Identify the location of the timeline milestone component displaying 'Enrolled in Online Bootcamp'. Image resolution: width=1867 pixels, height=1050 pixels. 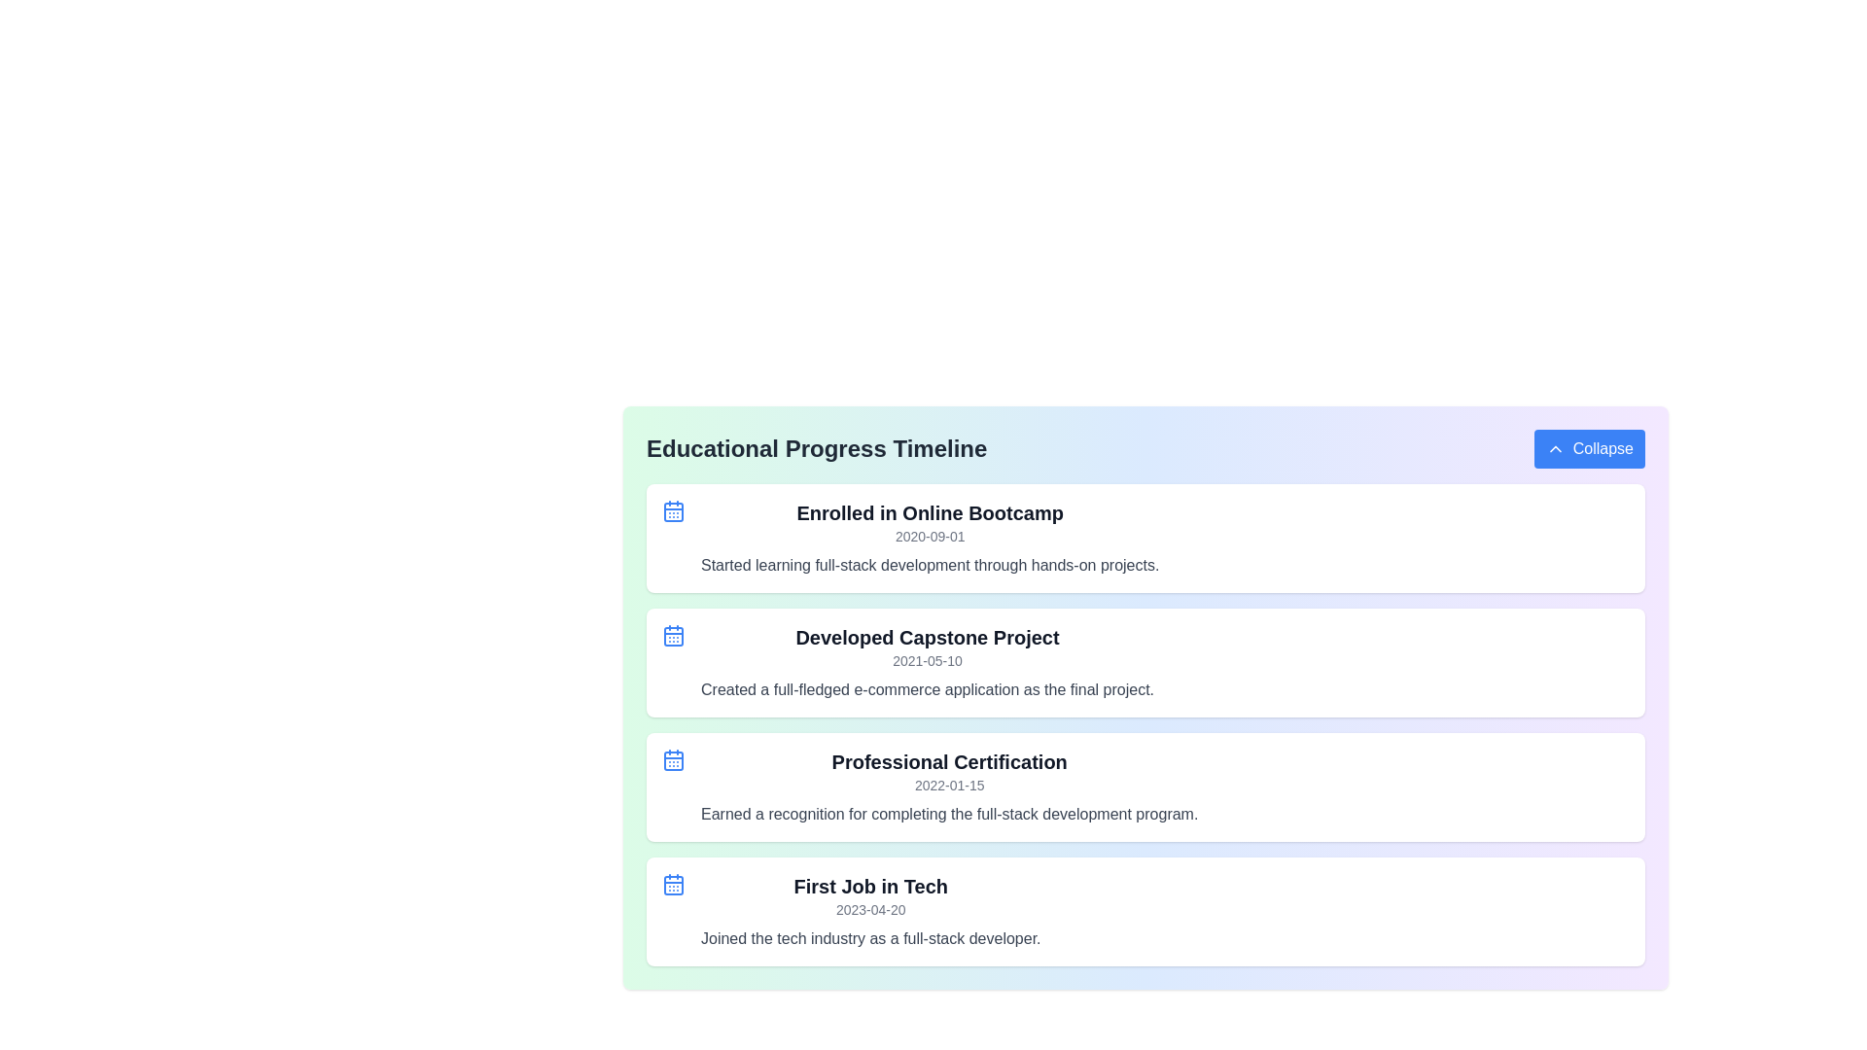
(1145, 539).